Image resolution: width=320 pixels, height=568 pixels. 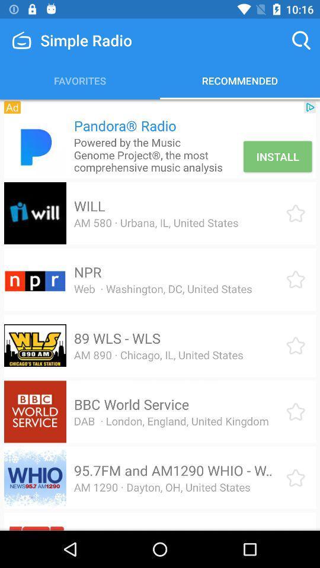 I want to click on the will icon, so click(x=89, y=206).